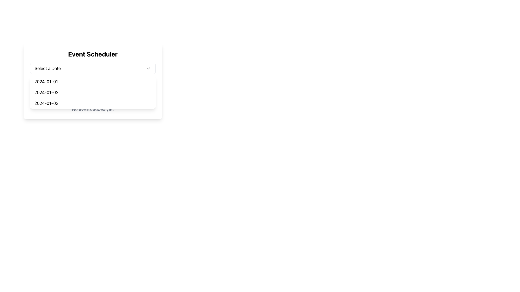 The image size is (520, 292). What do you see at coordinates (93, 68) in the screenshot?
I see `a date from the dropdown menu labeled 'Select a Date' in the 'Event Scheduler' section by clicking on it to reveal the options` at bounding box center [93, 68].